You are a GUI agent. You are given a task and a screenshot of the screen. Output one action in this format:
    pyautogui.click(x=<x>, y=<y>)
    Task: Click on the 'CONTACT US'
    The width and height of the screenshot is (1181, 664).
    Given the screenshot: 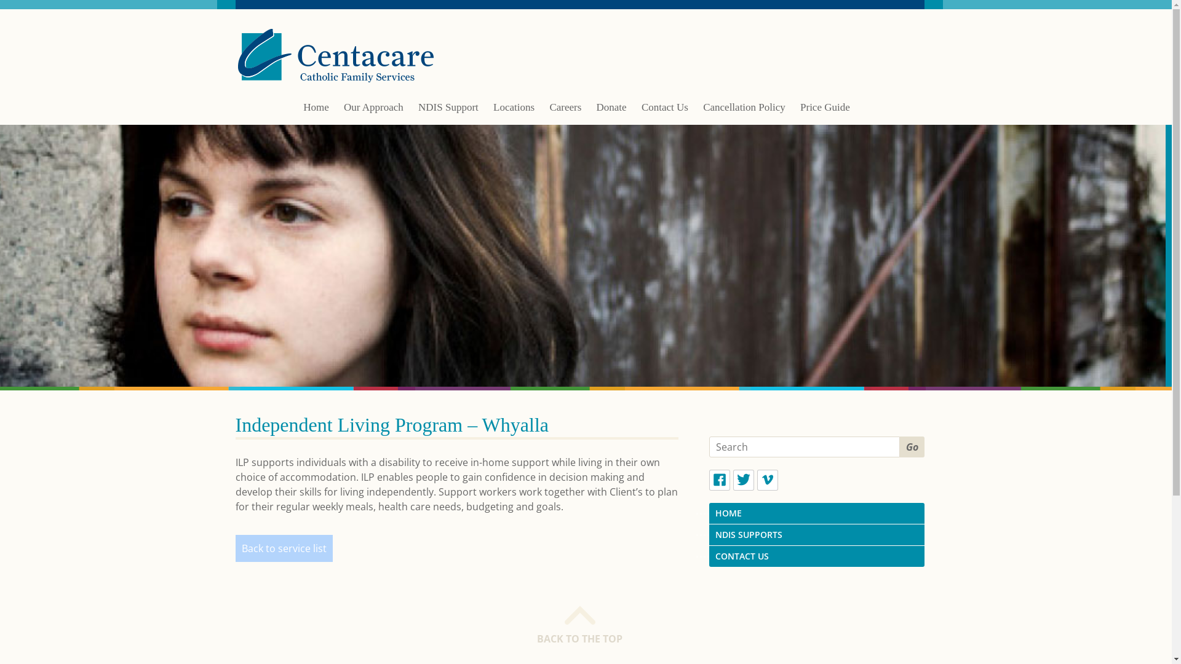 What is the action you would take?
    pyautogui.click(x=709, y=556)
    